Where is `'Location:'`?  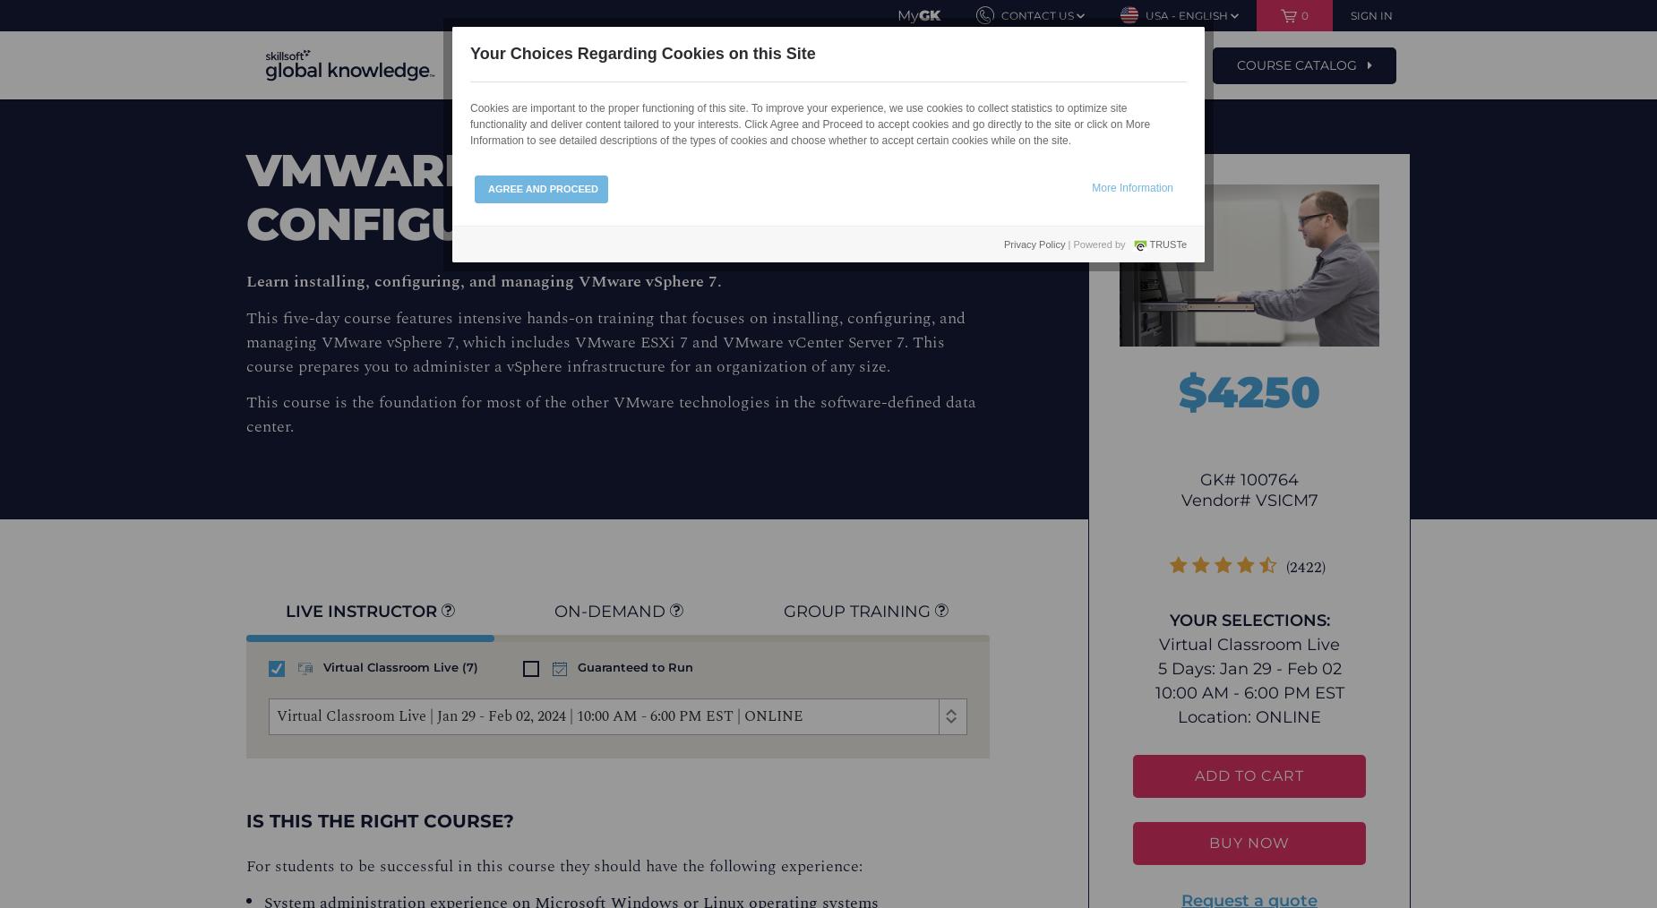
'Location:' is located at coordinates (1215, 716).